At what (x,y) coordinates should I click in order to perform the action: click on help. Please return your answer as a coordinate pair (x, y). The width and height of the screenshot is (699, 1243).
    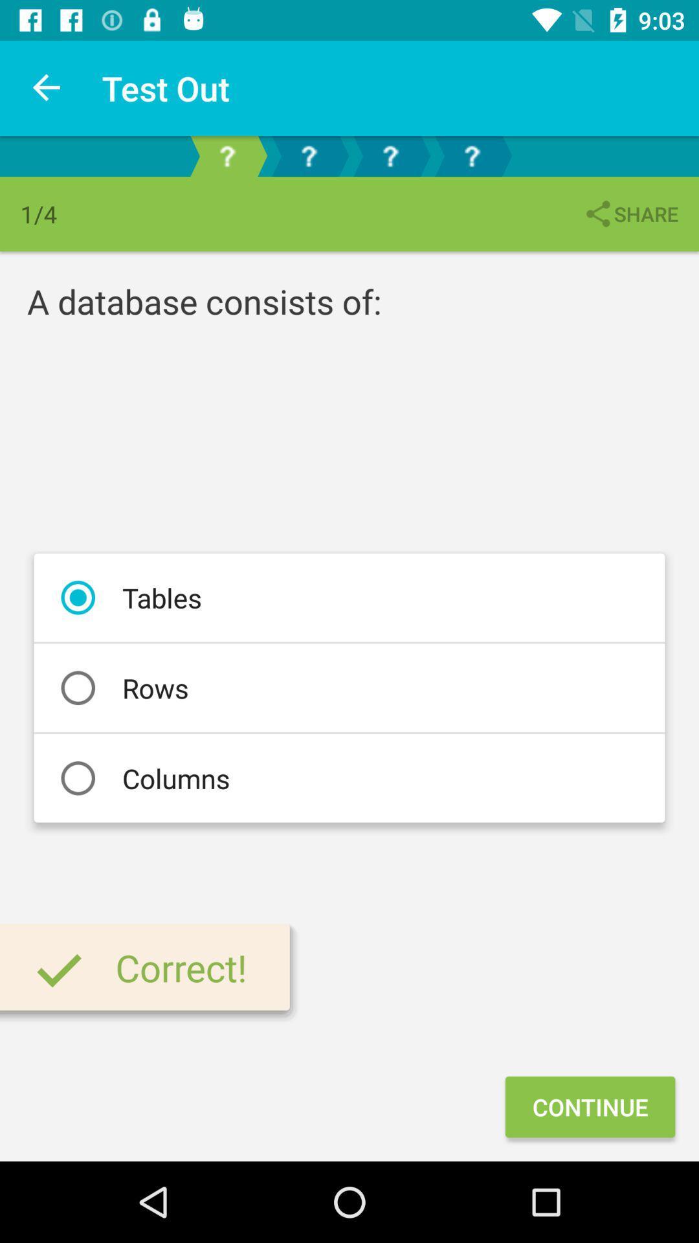
    Looking at the image, I should click on (309, 155).